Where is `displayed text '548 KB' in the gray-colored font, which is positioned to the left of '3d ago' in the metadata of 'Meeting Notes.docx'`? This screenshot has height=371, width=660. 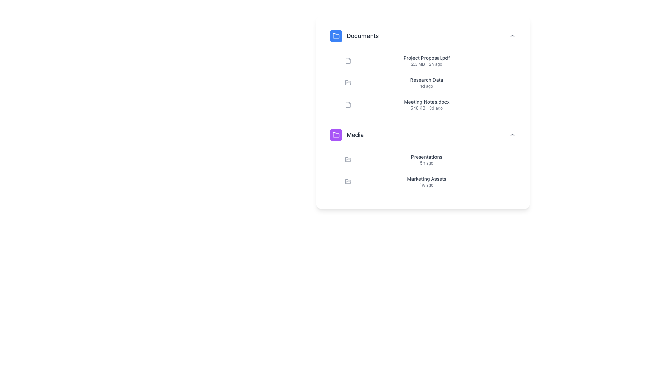 displayed text '548 KB' in the gray-colored font, which is positioned to the left of '3d ago' in the metadata of 'Meeting Notes.docx' is located at coordinates (417, 108).